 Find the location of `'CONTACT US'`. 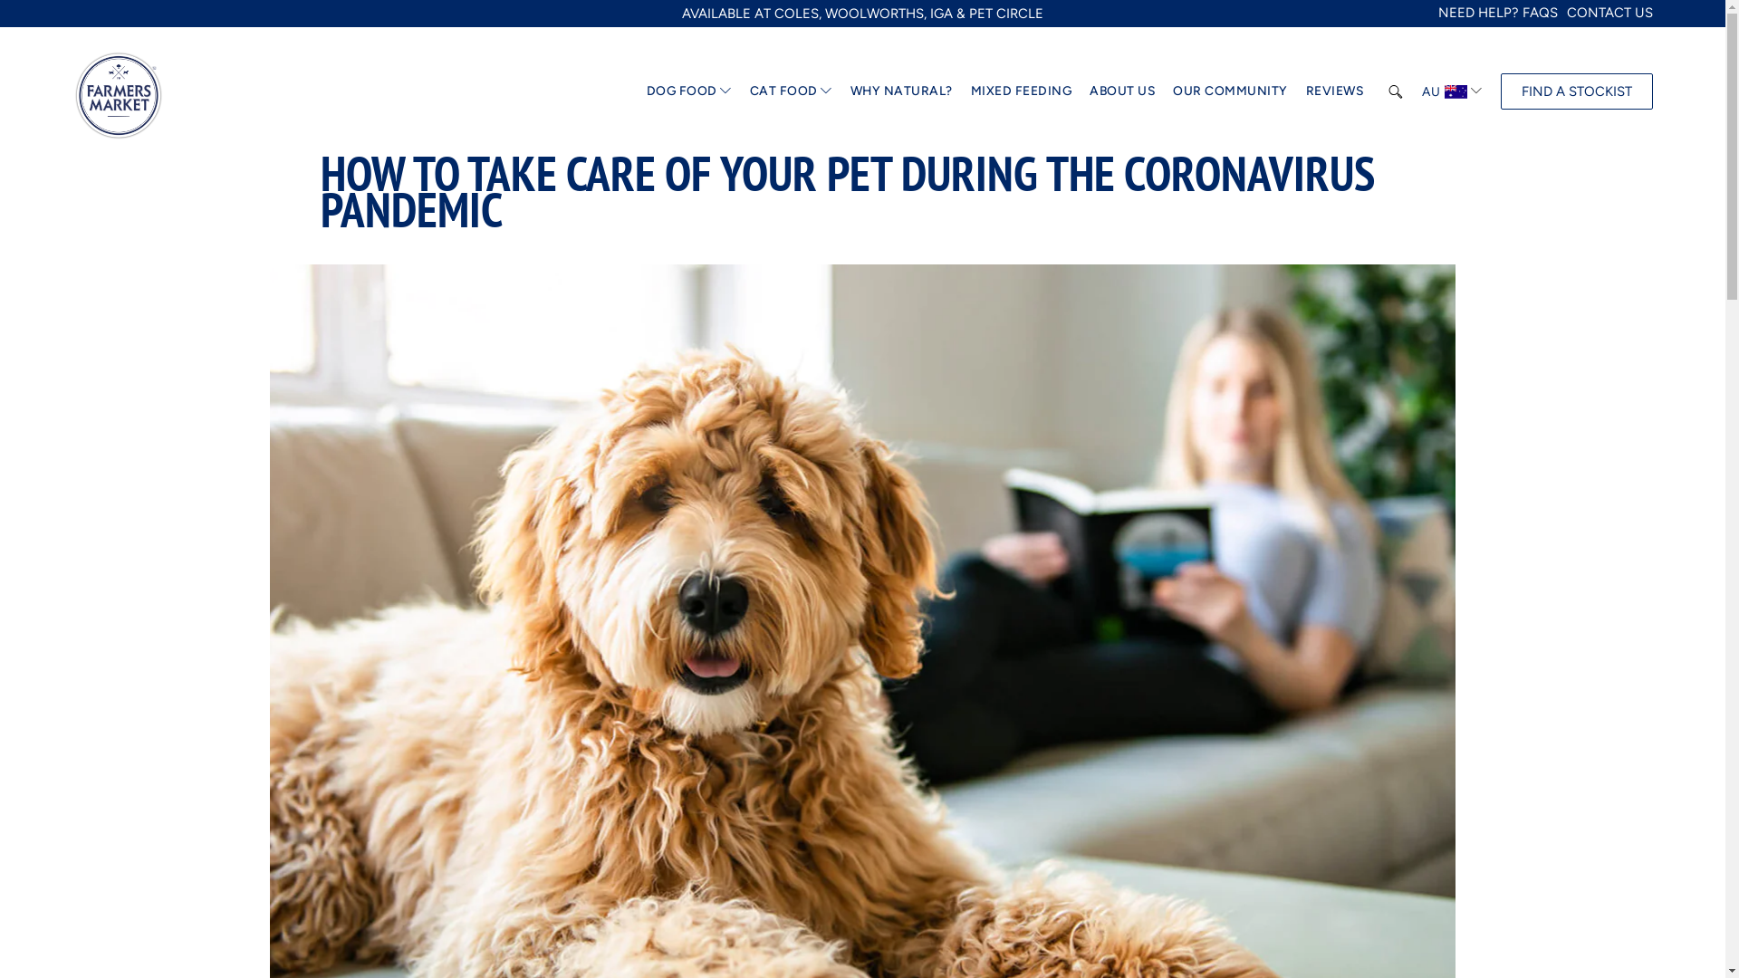

'CONTACT US' is located at coordinates (1609, 13).